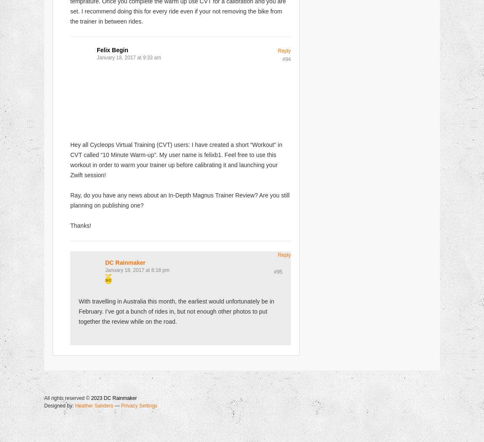 The height and width of the screenshot is (442, 484). Describe the element at coordinates (67, 397) in the screenshot. I see `'All rights reserved ©'` at that location.